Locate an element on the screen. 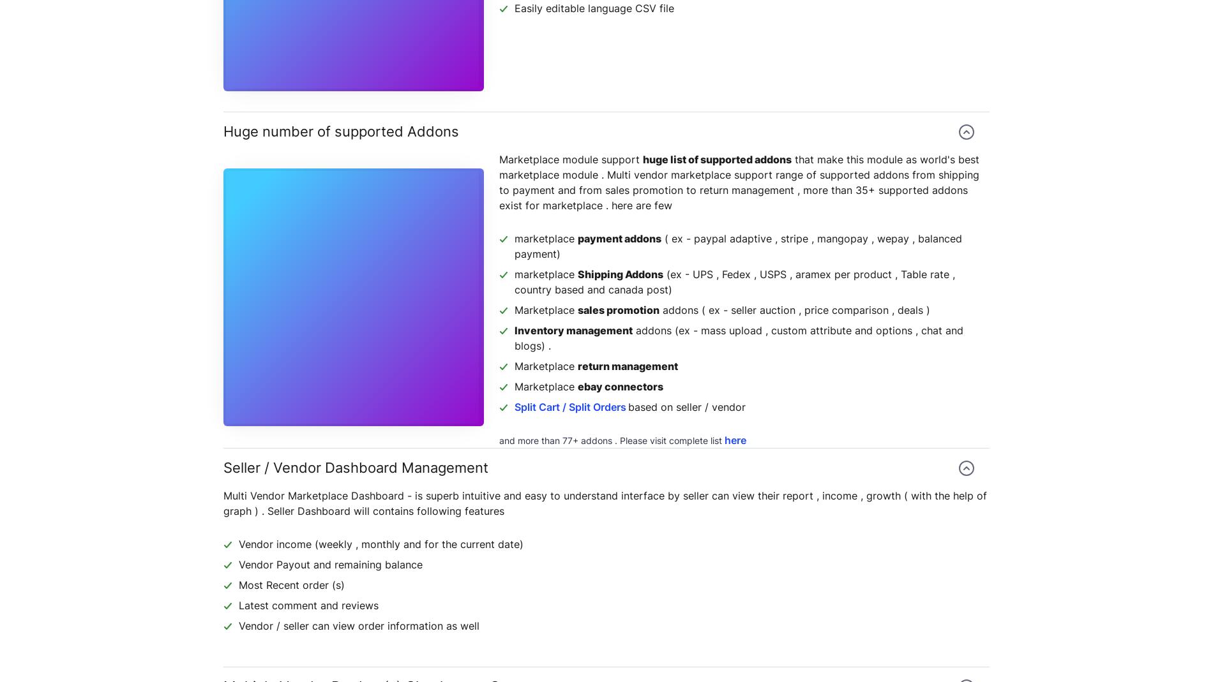 The image size is (1213, 682). 'payment addons' is located at coordinates (576, 239).